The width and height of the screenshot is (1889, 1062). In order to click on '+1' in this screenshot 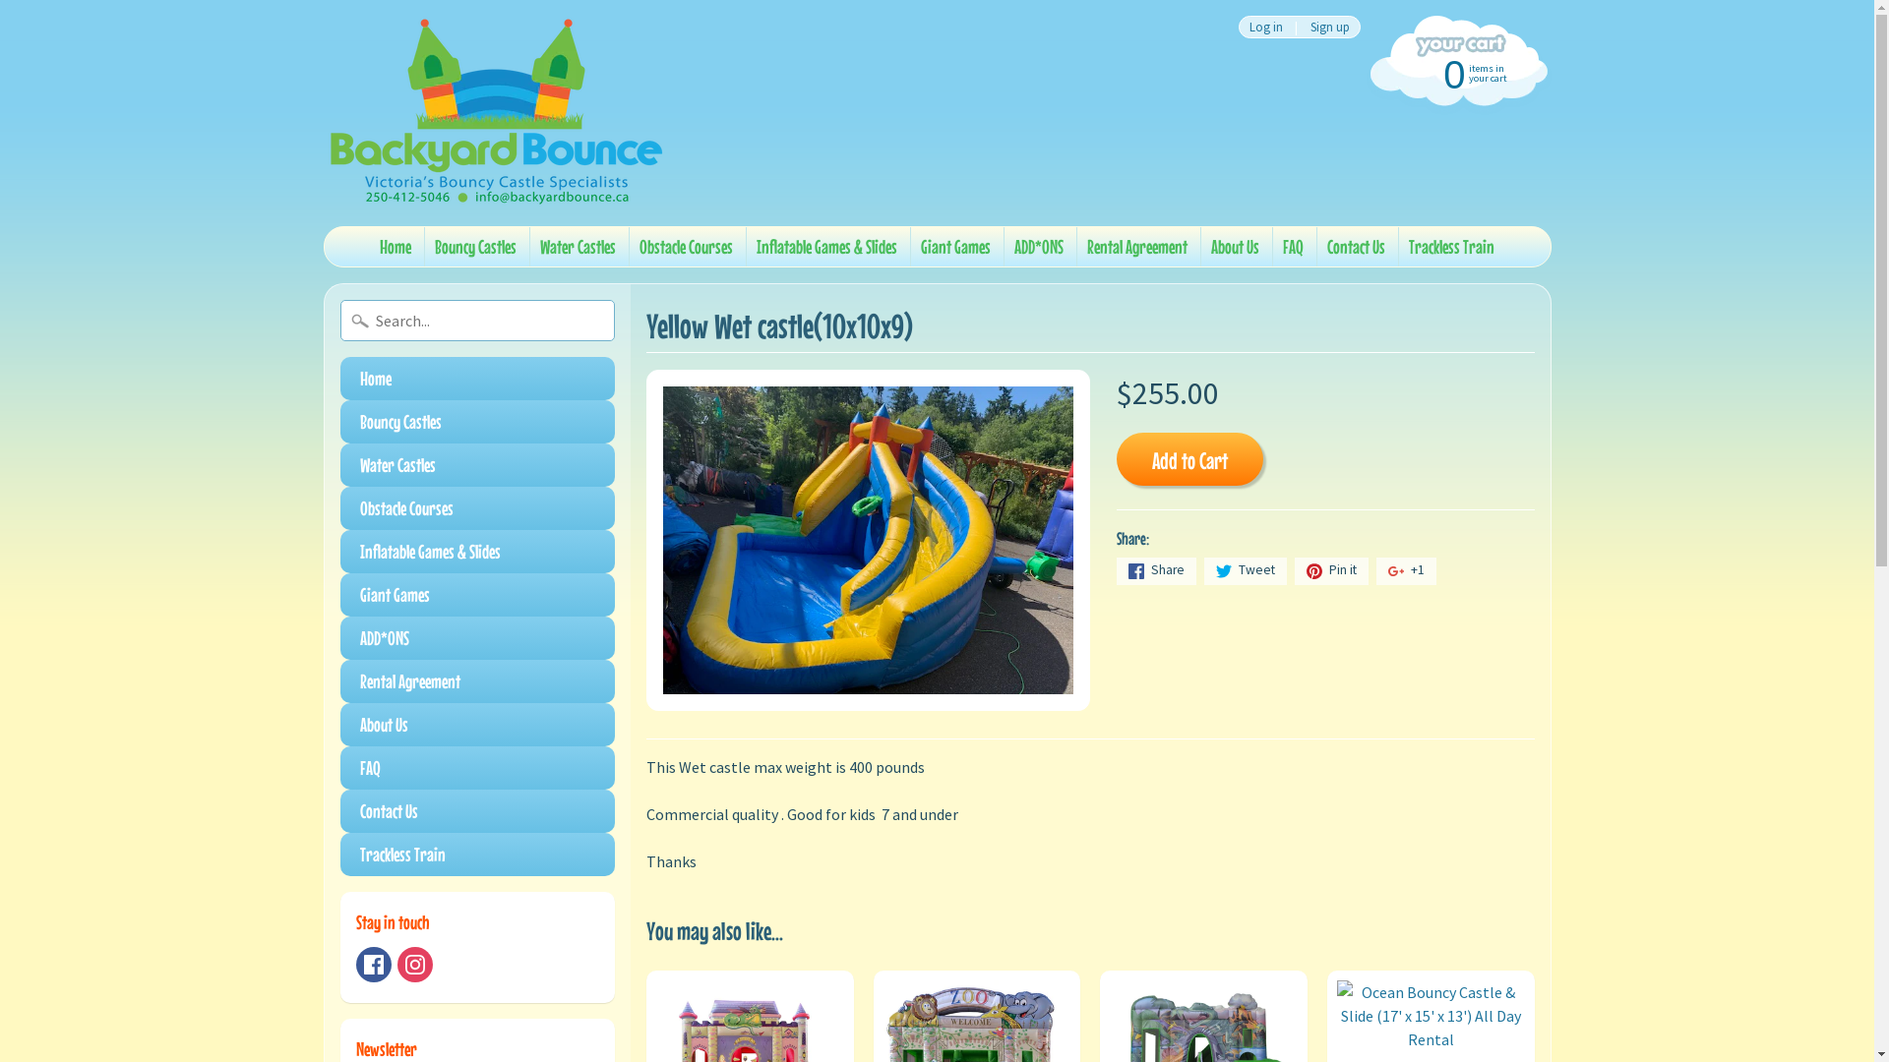, I will do `click(1405, 571)`.